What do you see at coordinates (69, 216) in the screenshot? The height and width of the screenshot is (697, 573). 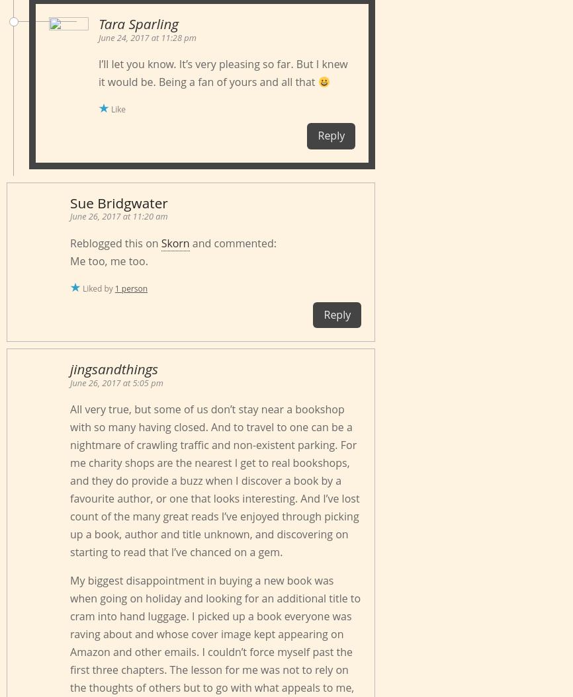 I see `'June 26, 2017 at 11:20 am'` at bounding box center [69, 216].